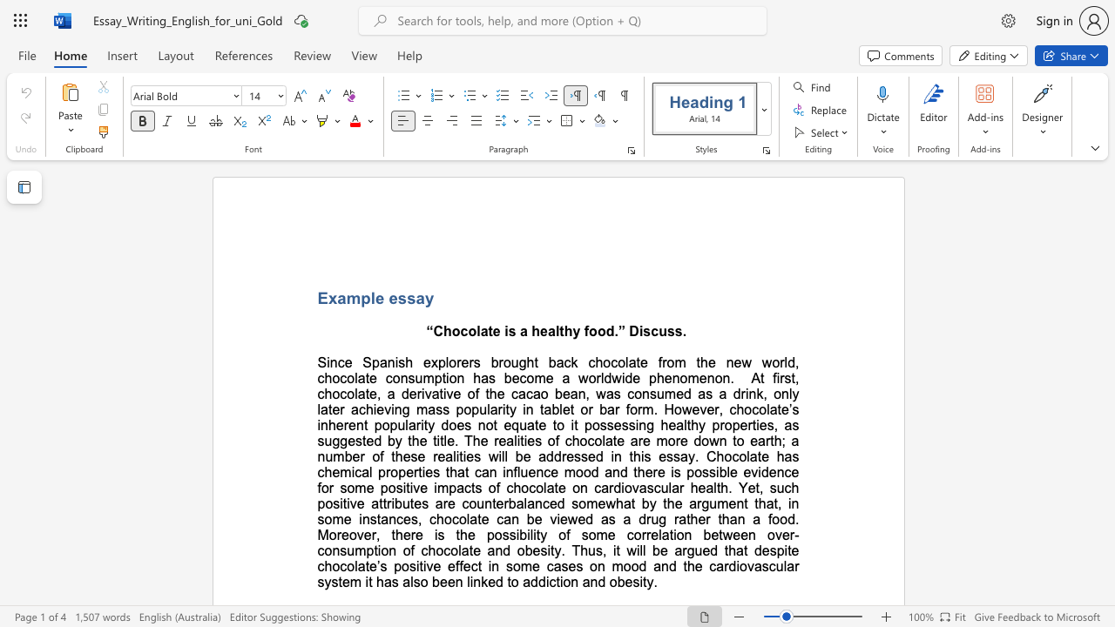  What do you see at coordinates (419, 566) in the screenshot?
I see `the subset text "tive effect i" within the text "the argument that, in some instances, chocolate can be viewed as a drug rather than a food. Moreover, there is the possibility of some correlation between over-consumption of chocolate and obesity. Thus, it will be argued that despite chocolate’s positive effect in some cases on mood and the cardiovascular system it has also been linked to addiction and obesity."` at bounding box center [419, 566].